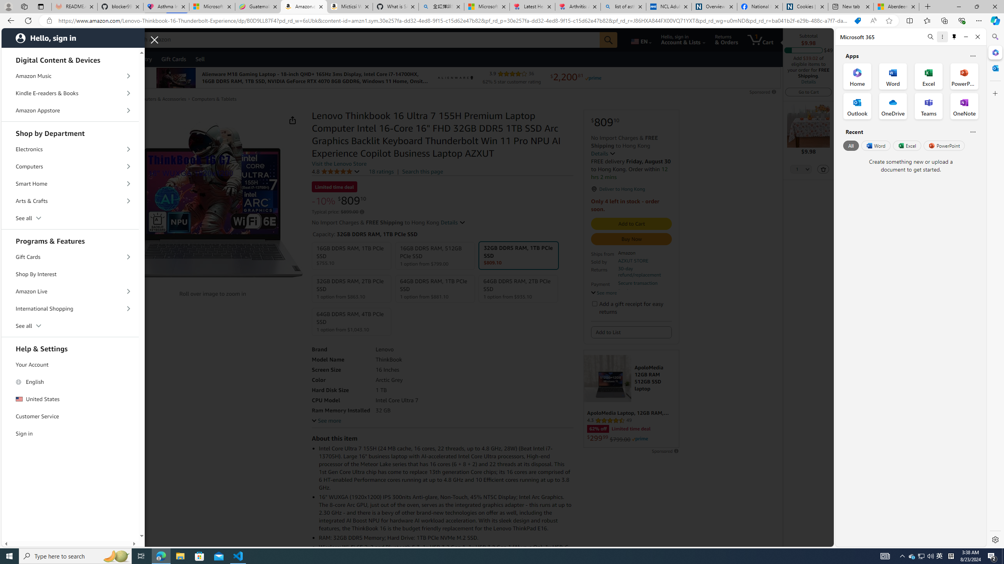 The height and width of the screenshot is (564, 1004). I want to click on 'English', so click(70, 381).